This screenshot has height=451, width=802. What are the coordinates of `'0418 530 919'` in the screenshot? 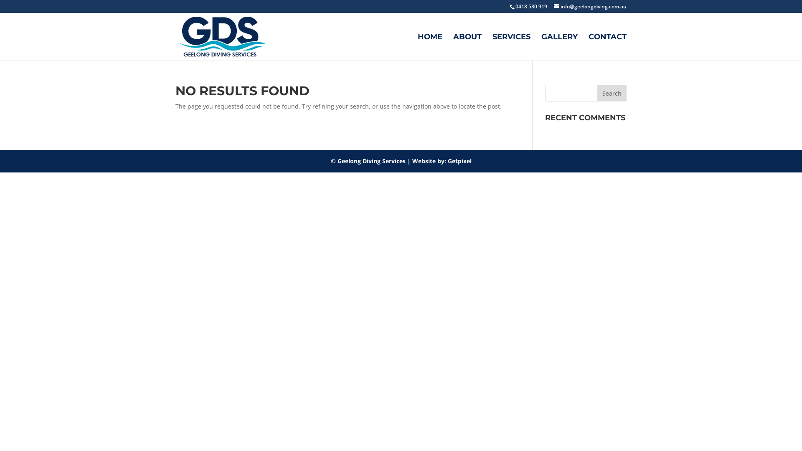 It's located at (509, 6).